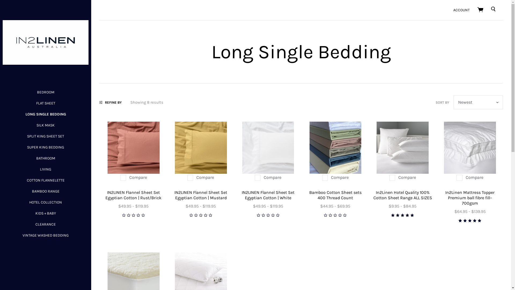  What do you see at coordinates (45, 202) in the screenshot?
I see `'HOTEL COLLECTION'` at bounding box center [45, 202].